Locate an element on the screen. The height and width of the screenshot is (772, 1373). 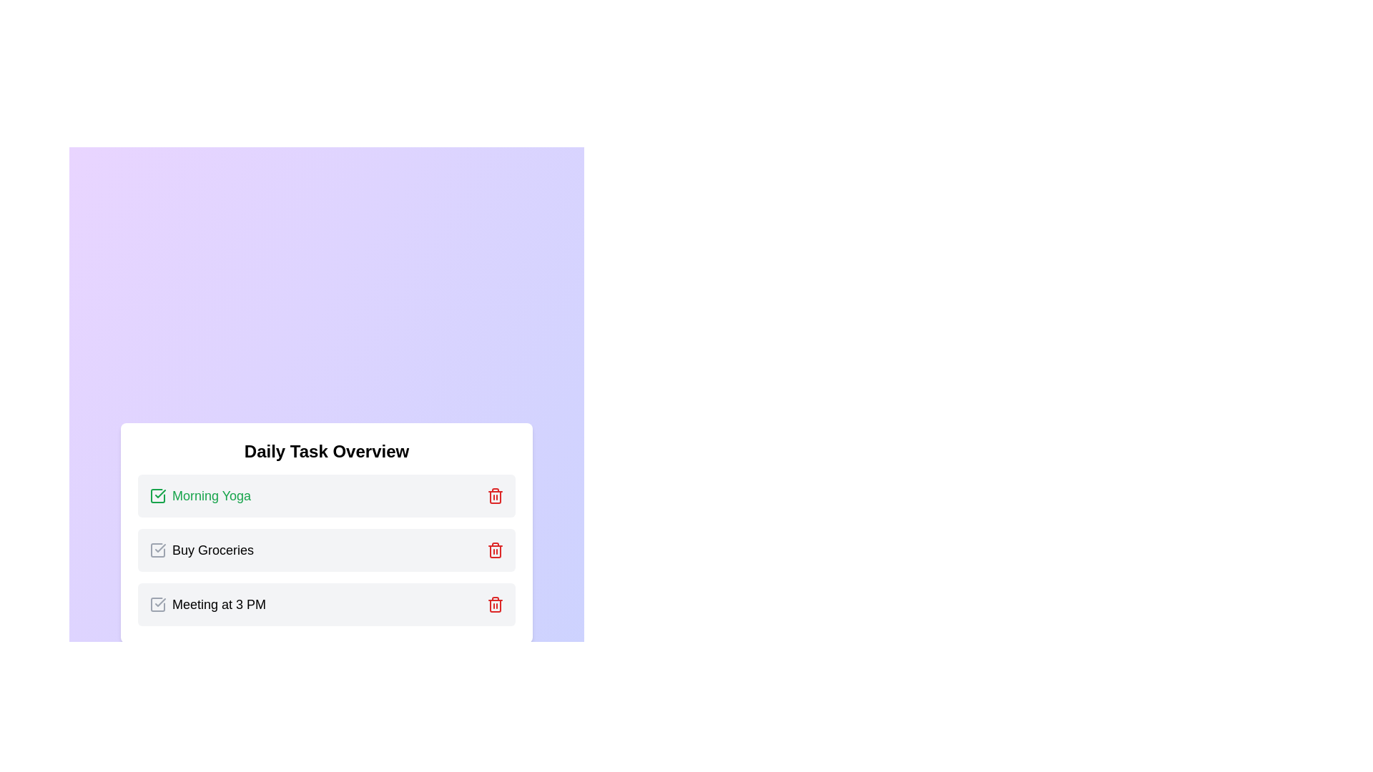
the trash icon next to the task labeled Buy Groceries to delete it is located at coordinates (495, 550).